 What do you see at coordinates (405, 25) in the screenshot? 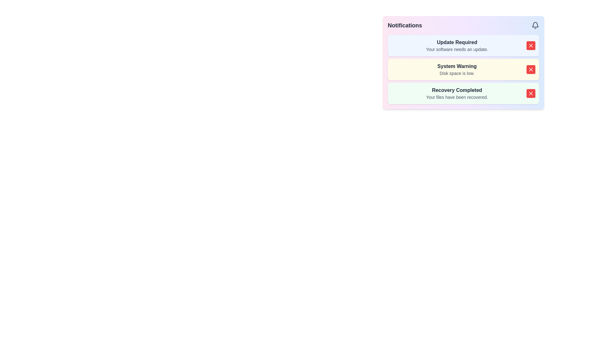
I see `the Text label that serves as the section header for the notification panel, located at the upper-left side adjacent to a bell icon` at bounding box center [405, 25].